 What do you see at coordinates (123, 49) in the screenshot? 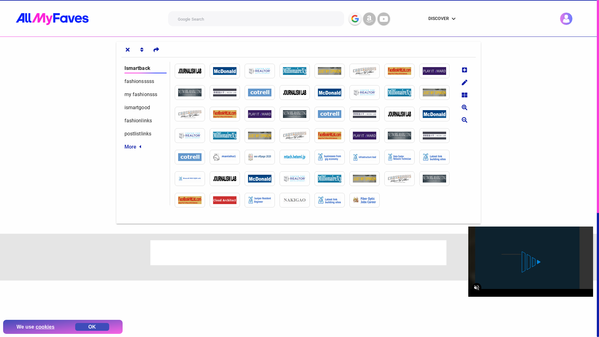
I see `'Show/Hide tabs'` at bounding box center [123, 49].